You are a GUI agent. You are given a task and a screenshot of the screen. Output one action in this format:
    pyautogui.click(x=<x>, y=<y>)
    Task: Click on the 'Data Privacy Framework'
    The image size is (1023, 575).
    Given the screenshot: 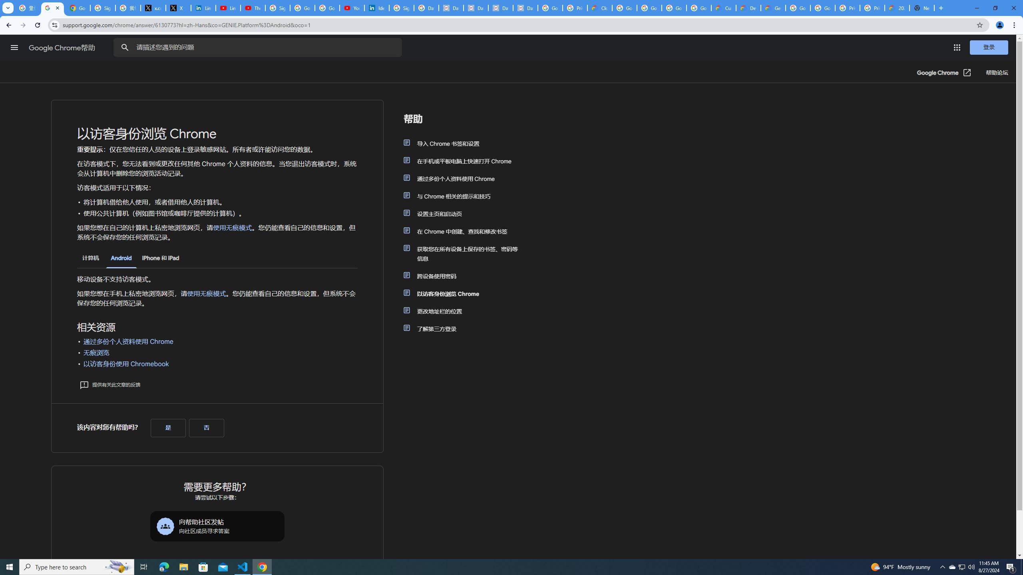 What is the action you would take?
    pyautogui.click(x=451, y=8)
    